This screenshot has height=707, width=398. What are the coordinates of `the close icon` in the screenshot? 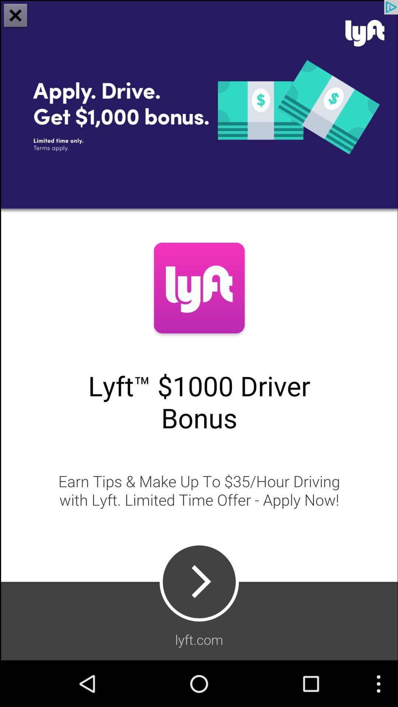 It's located at (15, 16).